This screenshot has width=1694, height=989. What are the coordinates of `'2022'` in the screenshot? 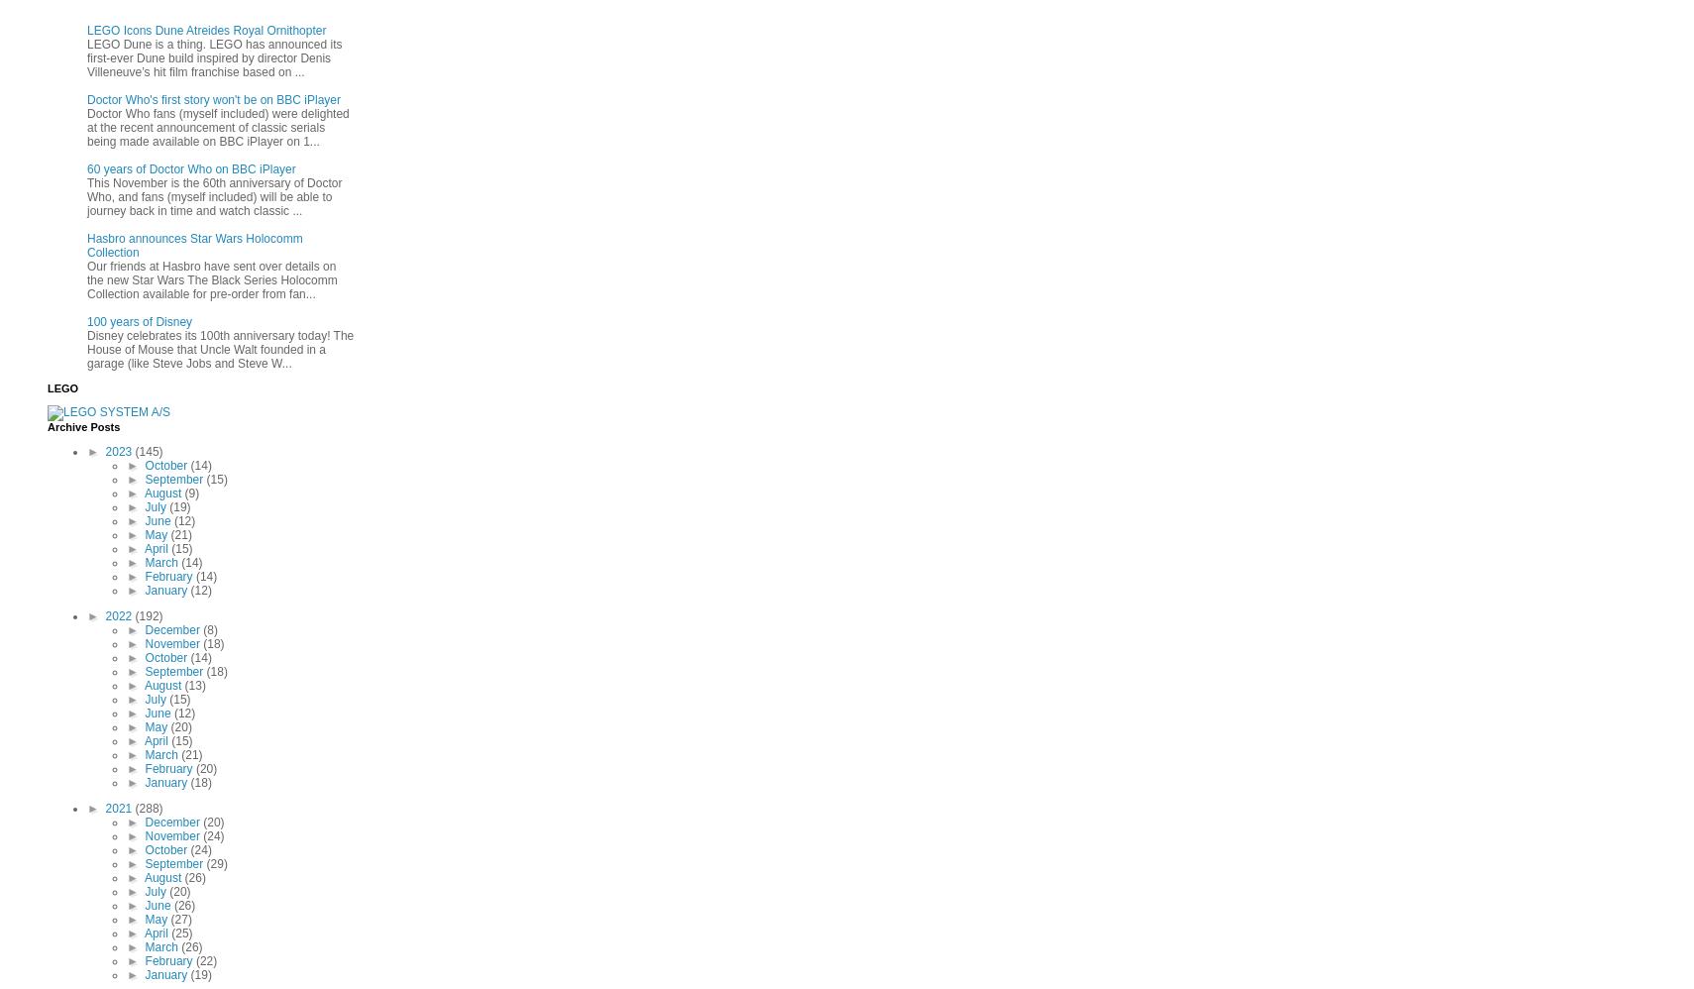 It's located at (119, 615).